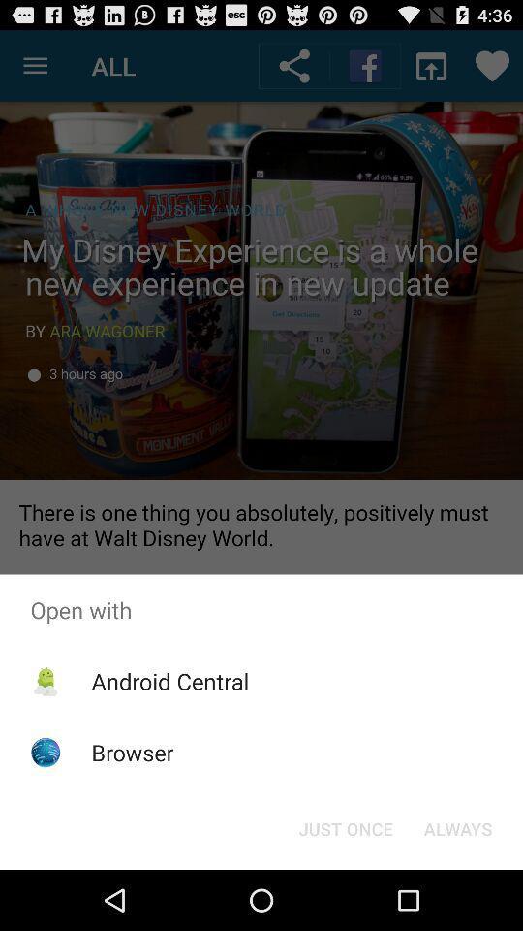  What do you see at coordinates (169, 681) in the screenshot?
I see `the item below the open with item` at bounding box center [169, 681].